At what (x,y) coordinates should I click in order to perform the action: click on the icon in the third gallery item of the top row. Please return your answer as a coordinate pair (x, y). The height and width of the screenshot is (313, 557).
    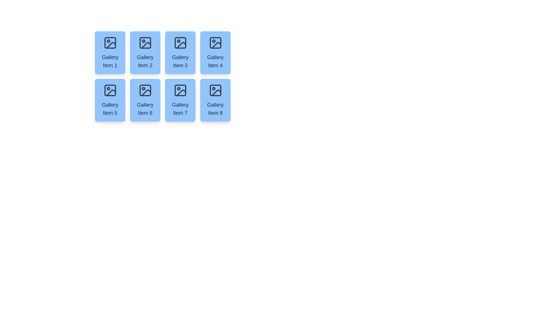
    Looking at the image, I should click on (180, 42).